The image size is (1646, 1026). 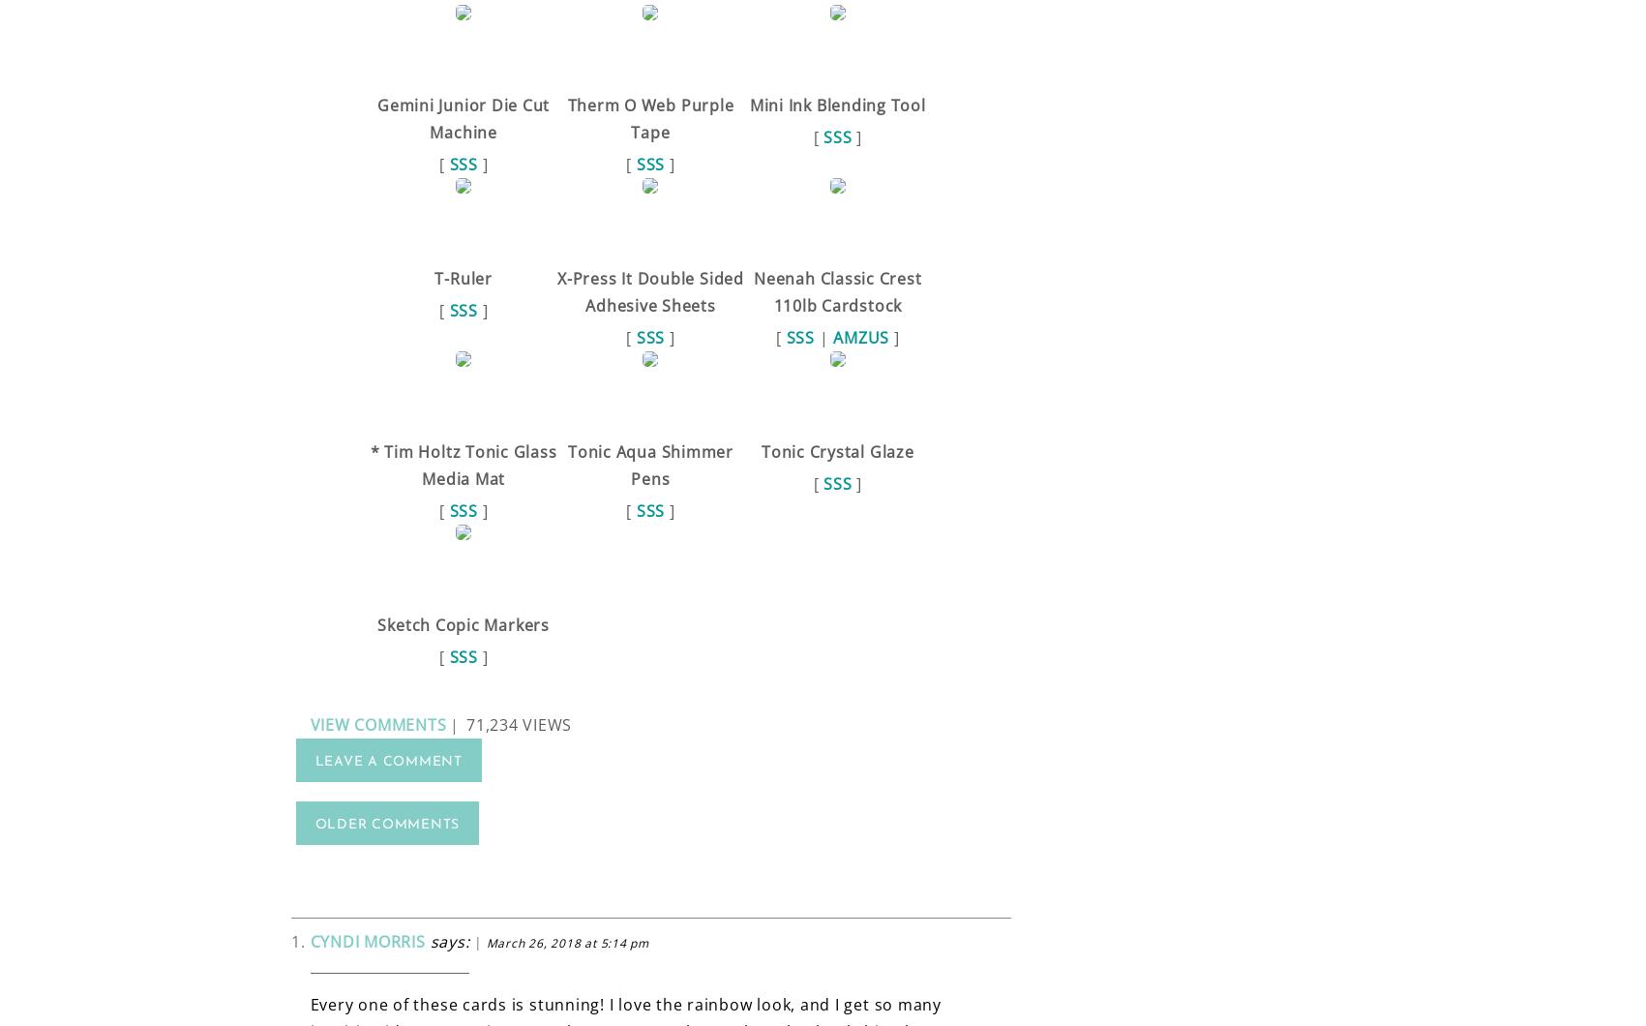 I want to click on 'says:', so click(x=448, y=940).